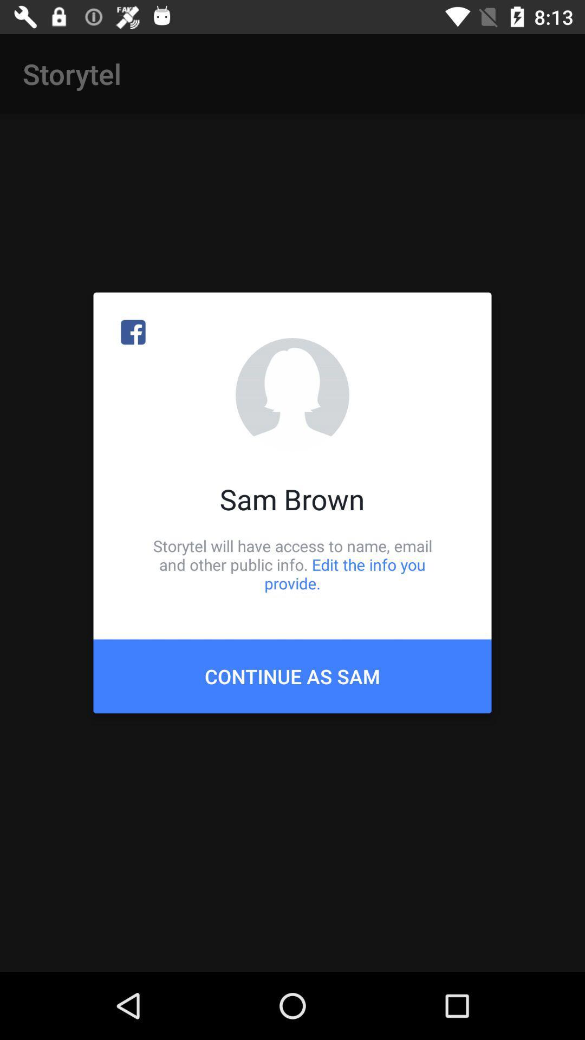  Describe the element at coordinates (292, 675) in the screenshot. I see `the continue as sam` at that location.